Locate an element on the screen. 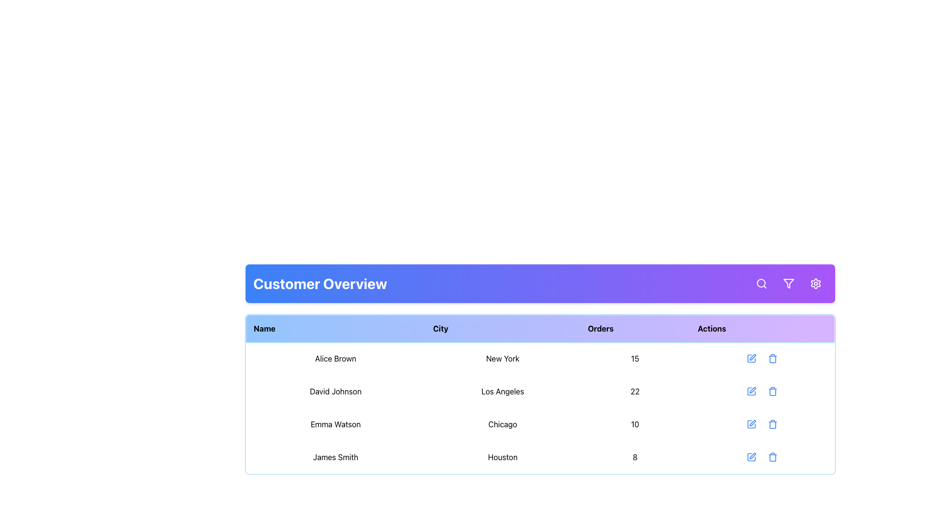 Image resolution: width=928 pixels, height=522 pixels. text from the city name label, which is located in the second column of the first row in a table, positioned between 'Alice Brown' on the left and '15' on the right is located at coordinates (503, 358).